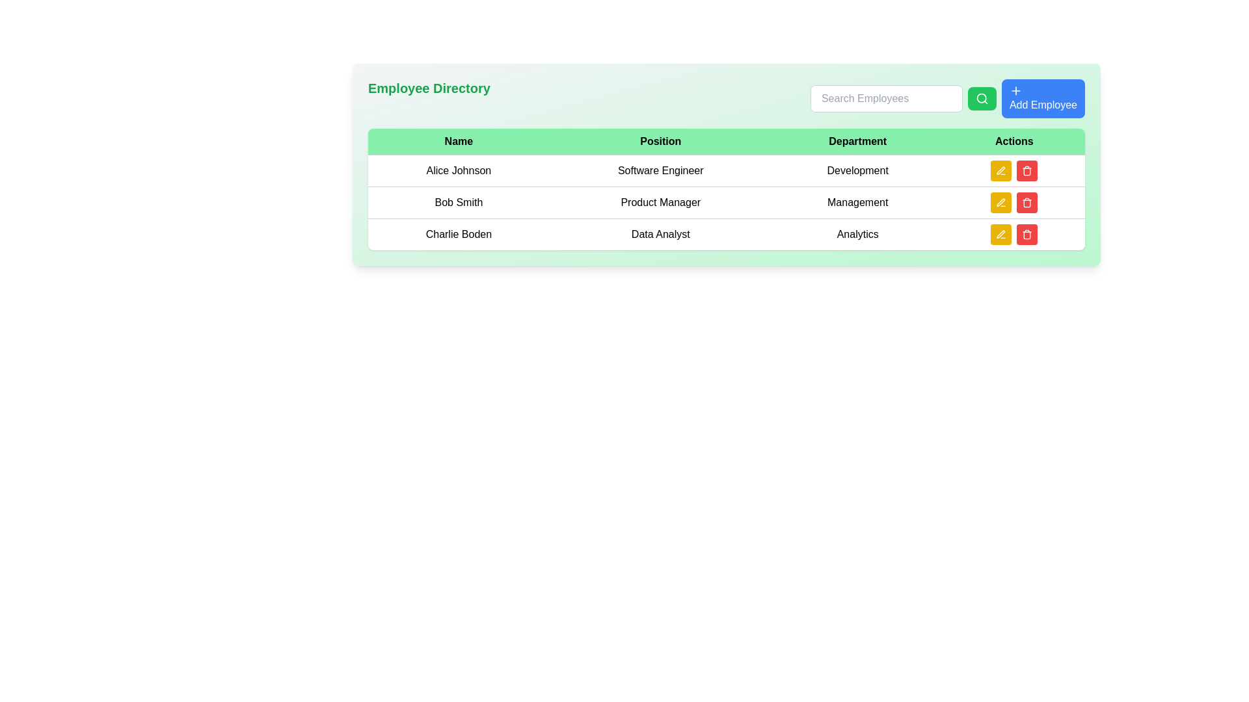 Image resolution: width=1249 pixels, height=702 pixels. I want to click on the trash icon button in the 'Actions' column, so click(1027, 203).